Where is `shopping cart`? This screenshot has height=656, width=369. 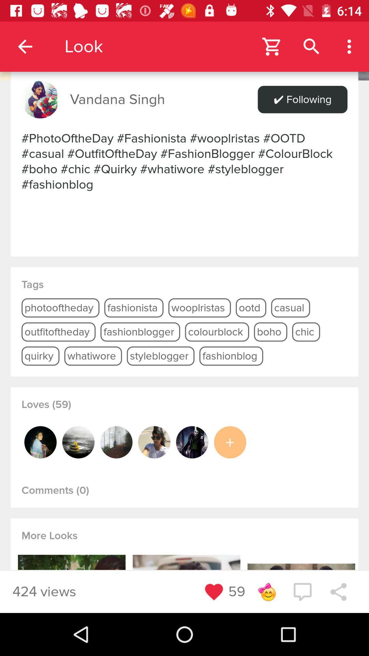
shopping cart is located at coordinates (272, 46).